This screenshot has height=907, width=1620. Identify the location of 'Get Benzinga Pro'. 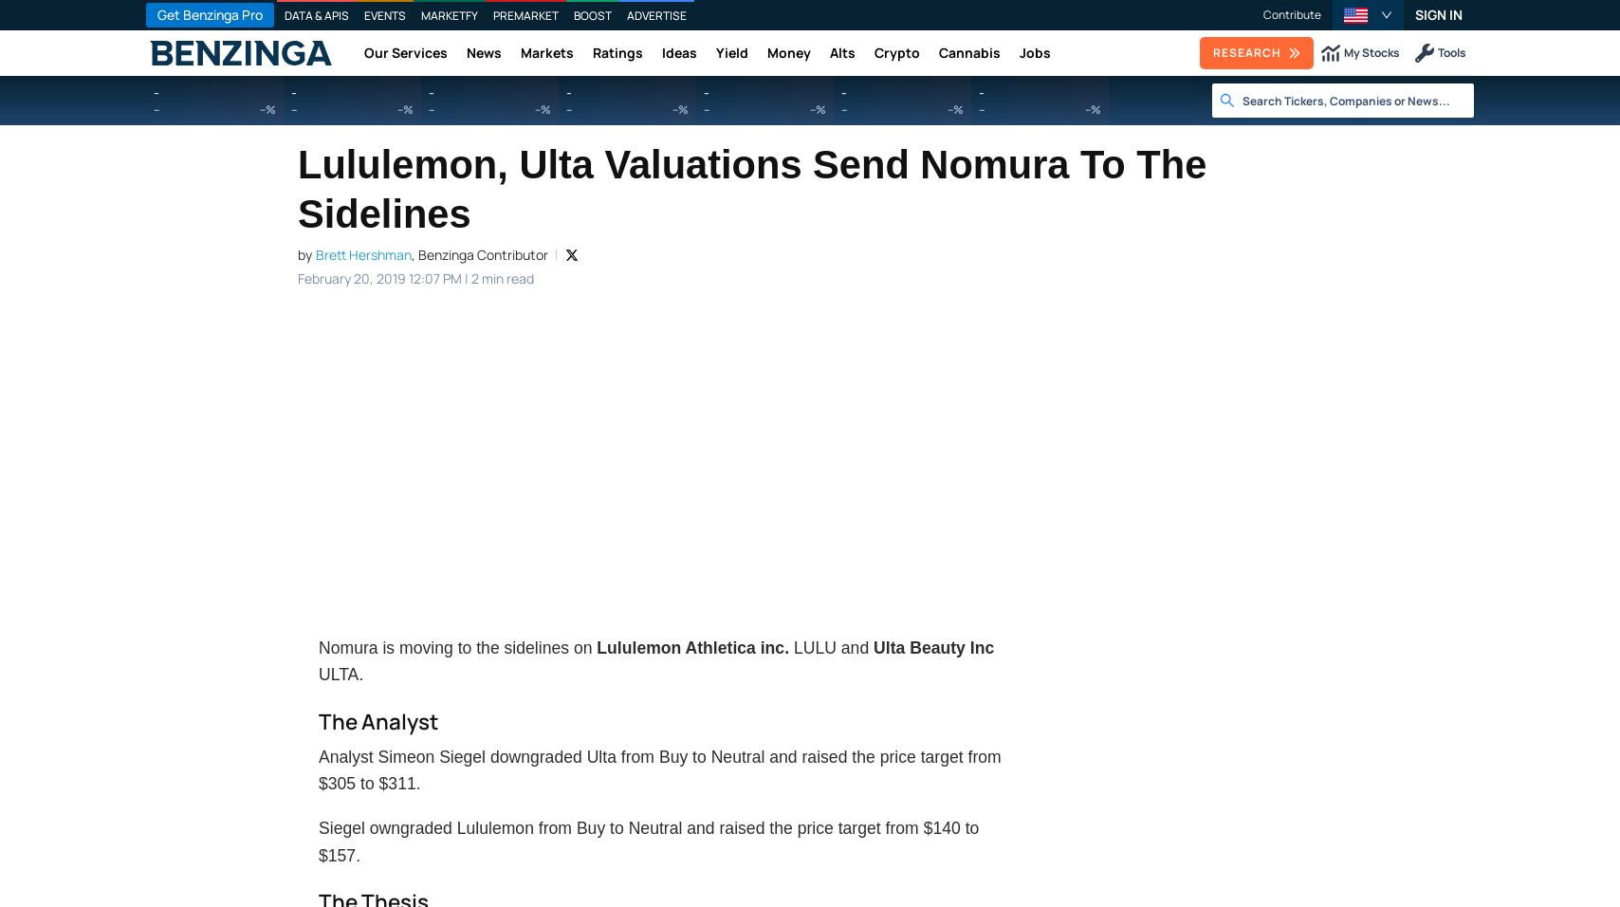
(210, 13).